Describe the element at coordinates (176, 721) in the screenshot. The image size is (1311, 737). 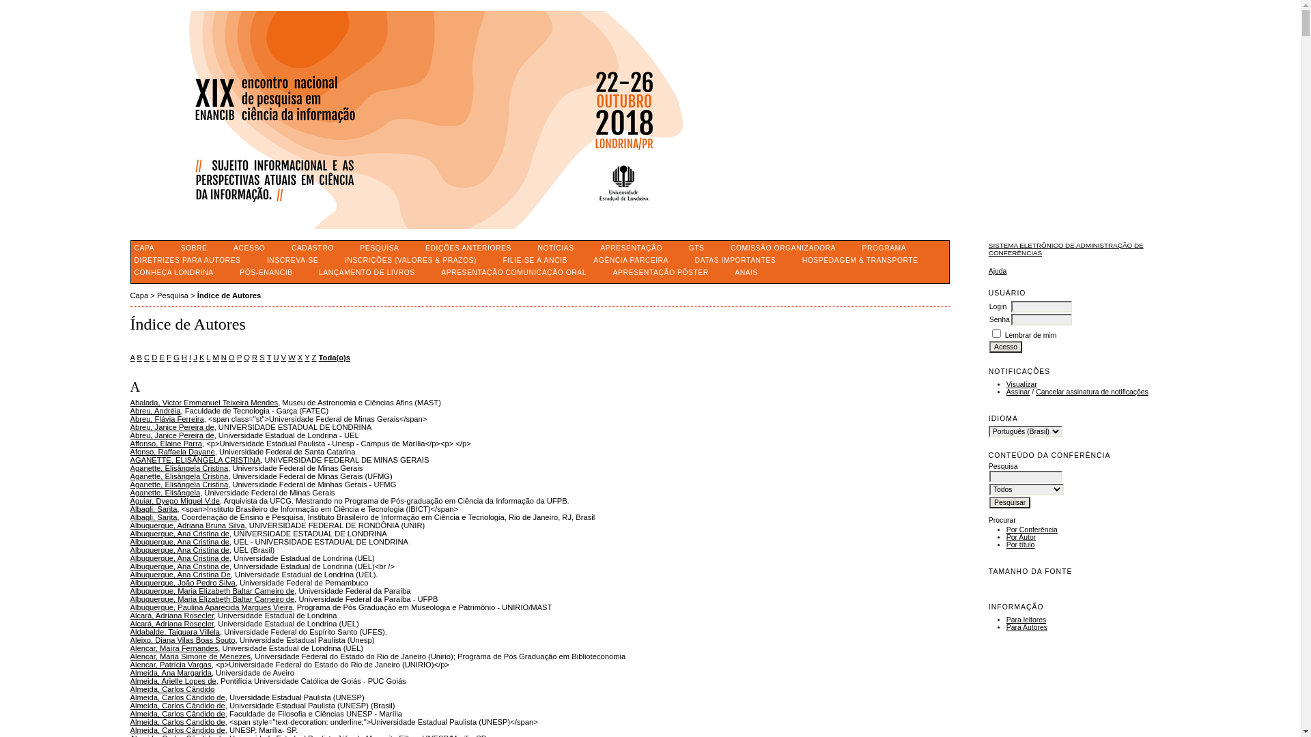
I see `'Almeida, Carlos Candido de'` at that location.